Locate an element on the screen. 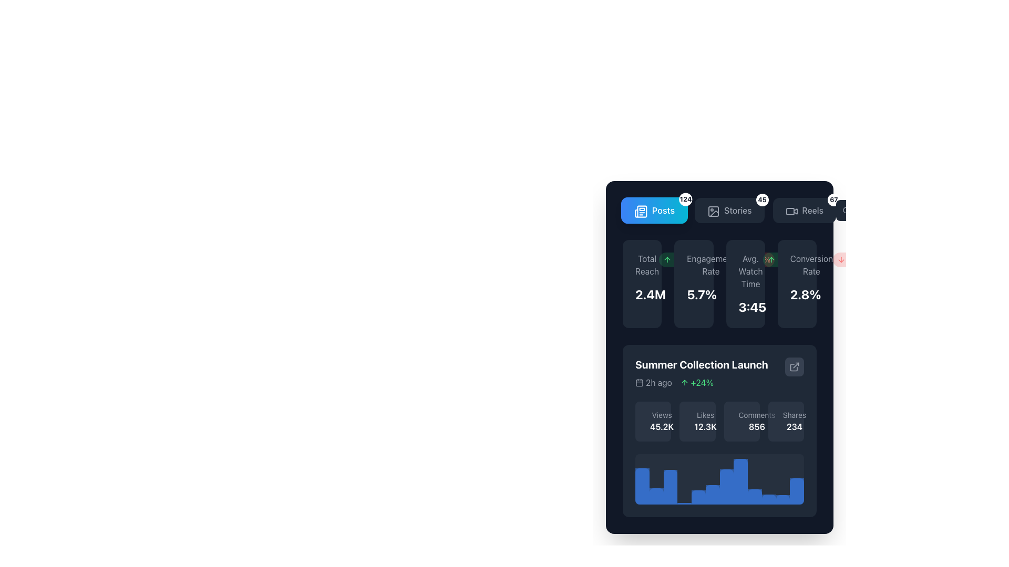 The width and height of the screenshot is (1009, 567). textual content of the 'Posts' label, which is displayed in white text against a gradient blue background, positioned centrally in the navigation bar is located at coordinates (663, 211).